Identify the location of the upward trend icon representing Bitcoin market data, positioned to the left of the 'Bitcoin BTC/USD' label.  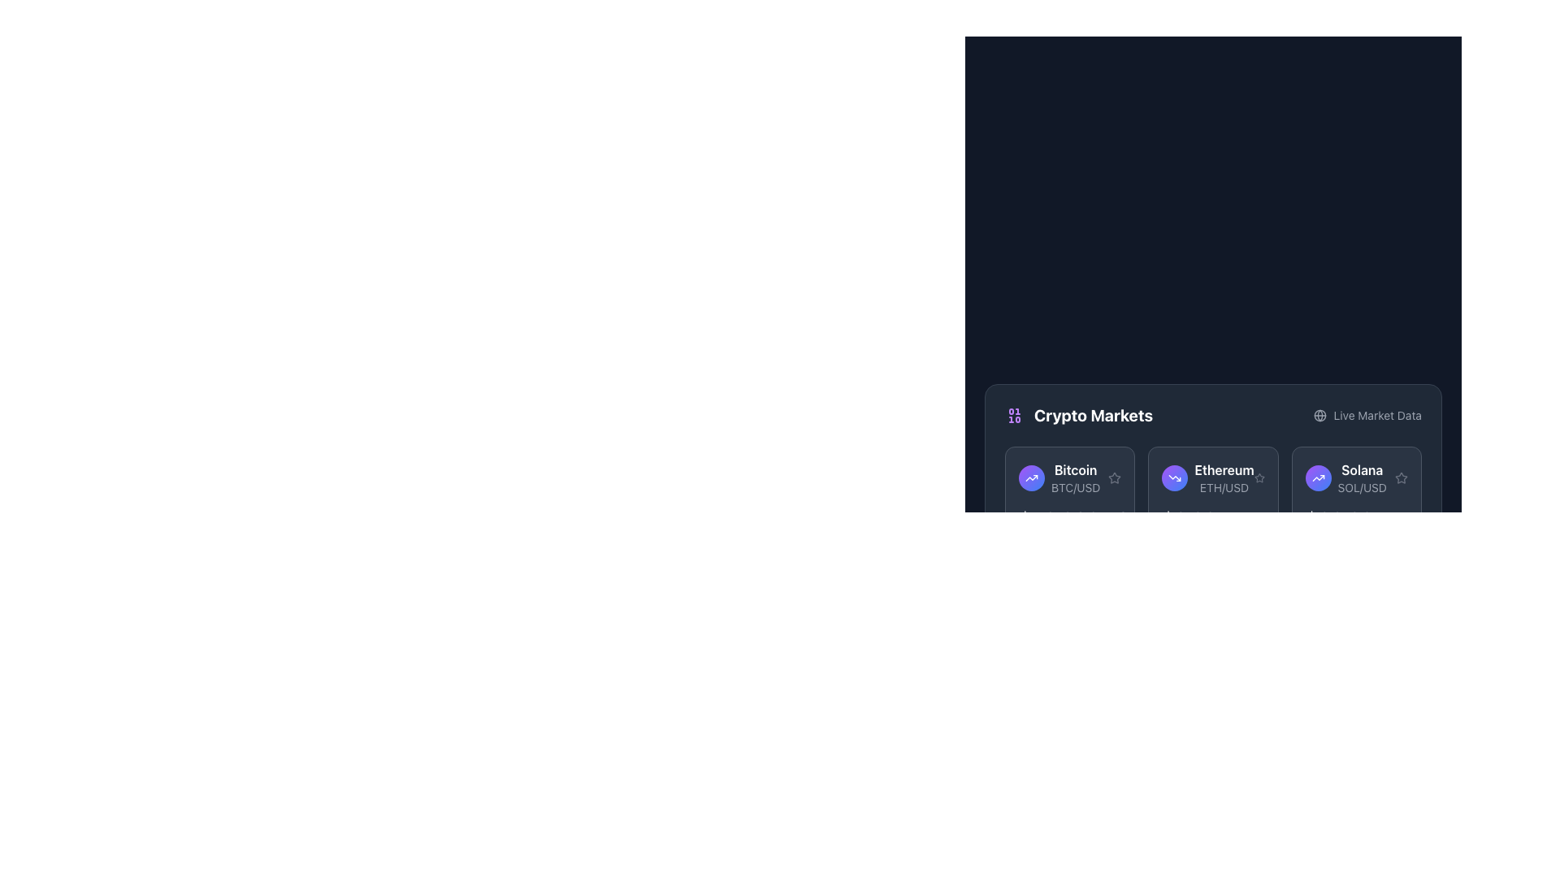
(1031, 477).